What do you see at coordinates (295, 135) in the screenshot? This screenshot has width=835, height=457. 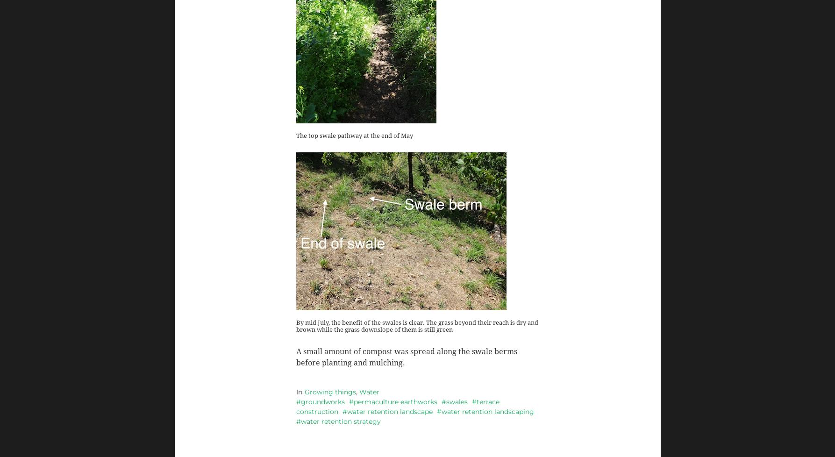 I see `'The top swale pathway at the end of May'` at bounding box center [295, 135].